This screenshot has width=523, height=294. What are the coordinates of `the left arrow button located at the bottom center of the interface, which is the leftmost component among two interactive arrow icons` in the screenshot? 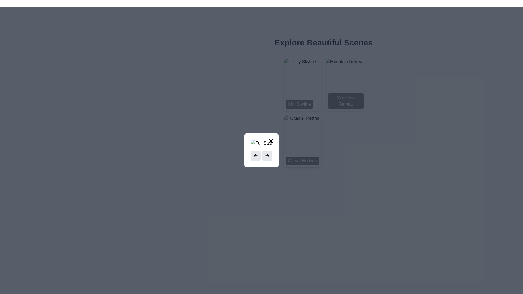 It's located at (256, 155).